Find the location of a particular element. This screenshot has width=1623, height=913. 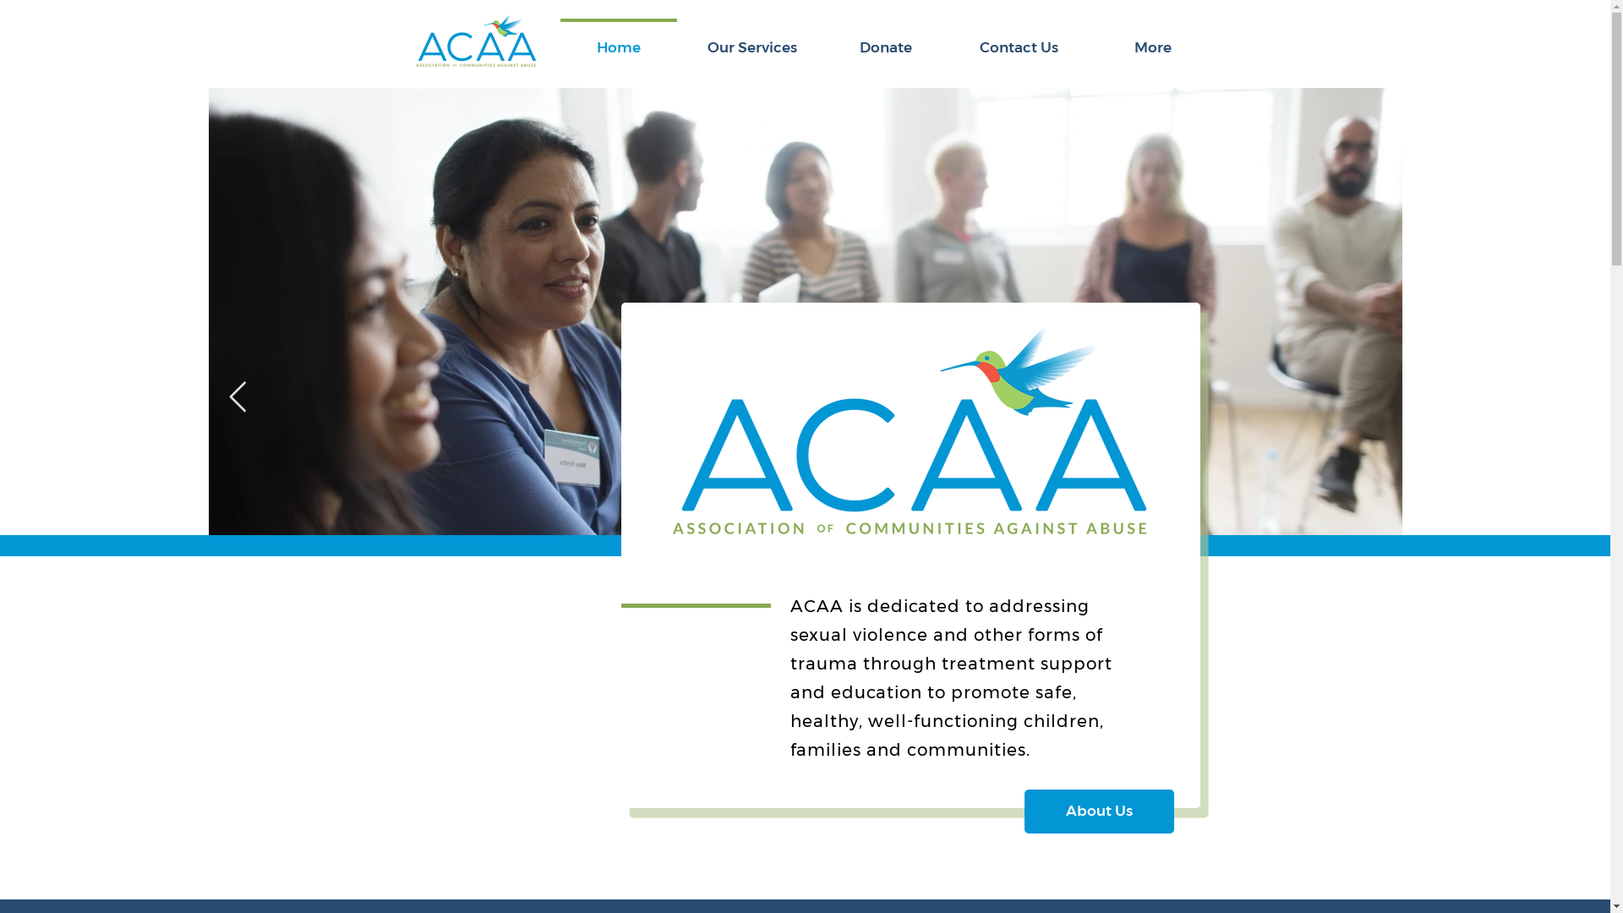

'Donate' is located at coordinates (883, 38).